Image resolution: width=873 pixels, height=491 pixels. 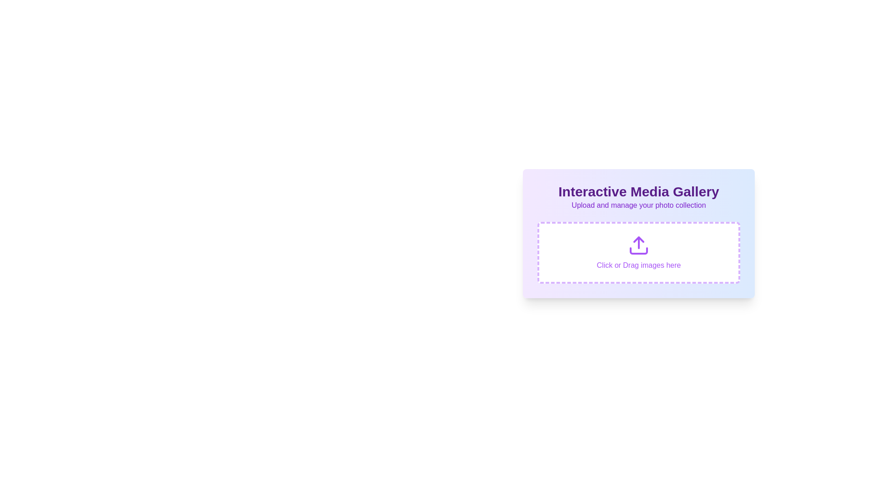 I want to click on the upward-facing triangular arrow icon, which is colored purple with a gradient and is part of the upload section above the text 'Click or Drag images here', so click(x=638, y=239).